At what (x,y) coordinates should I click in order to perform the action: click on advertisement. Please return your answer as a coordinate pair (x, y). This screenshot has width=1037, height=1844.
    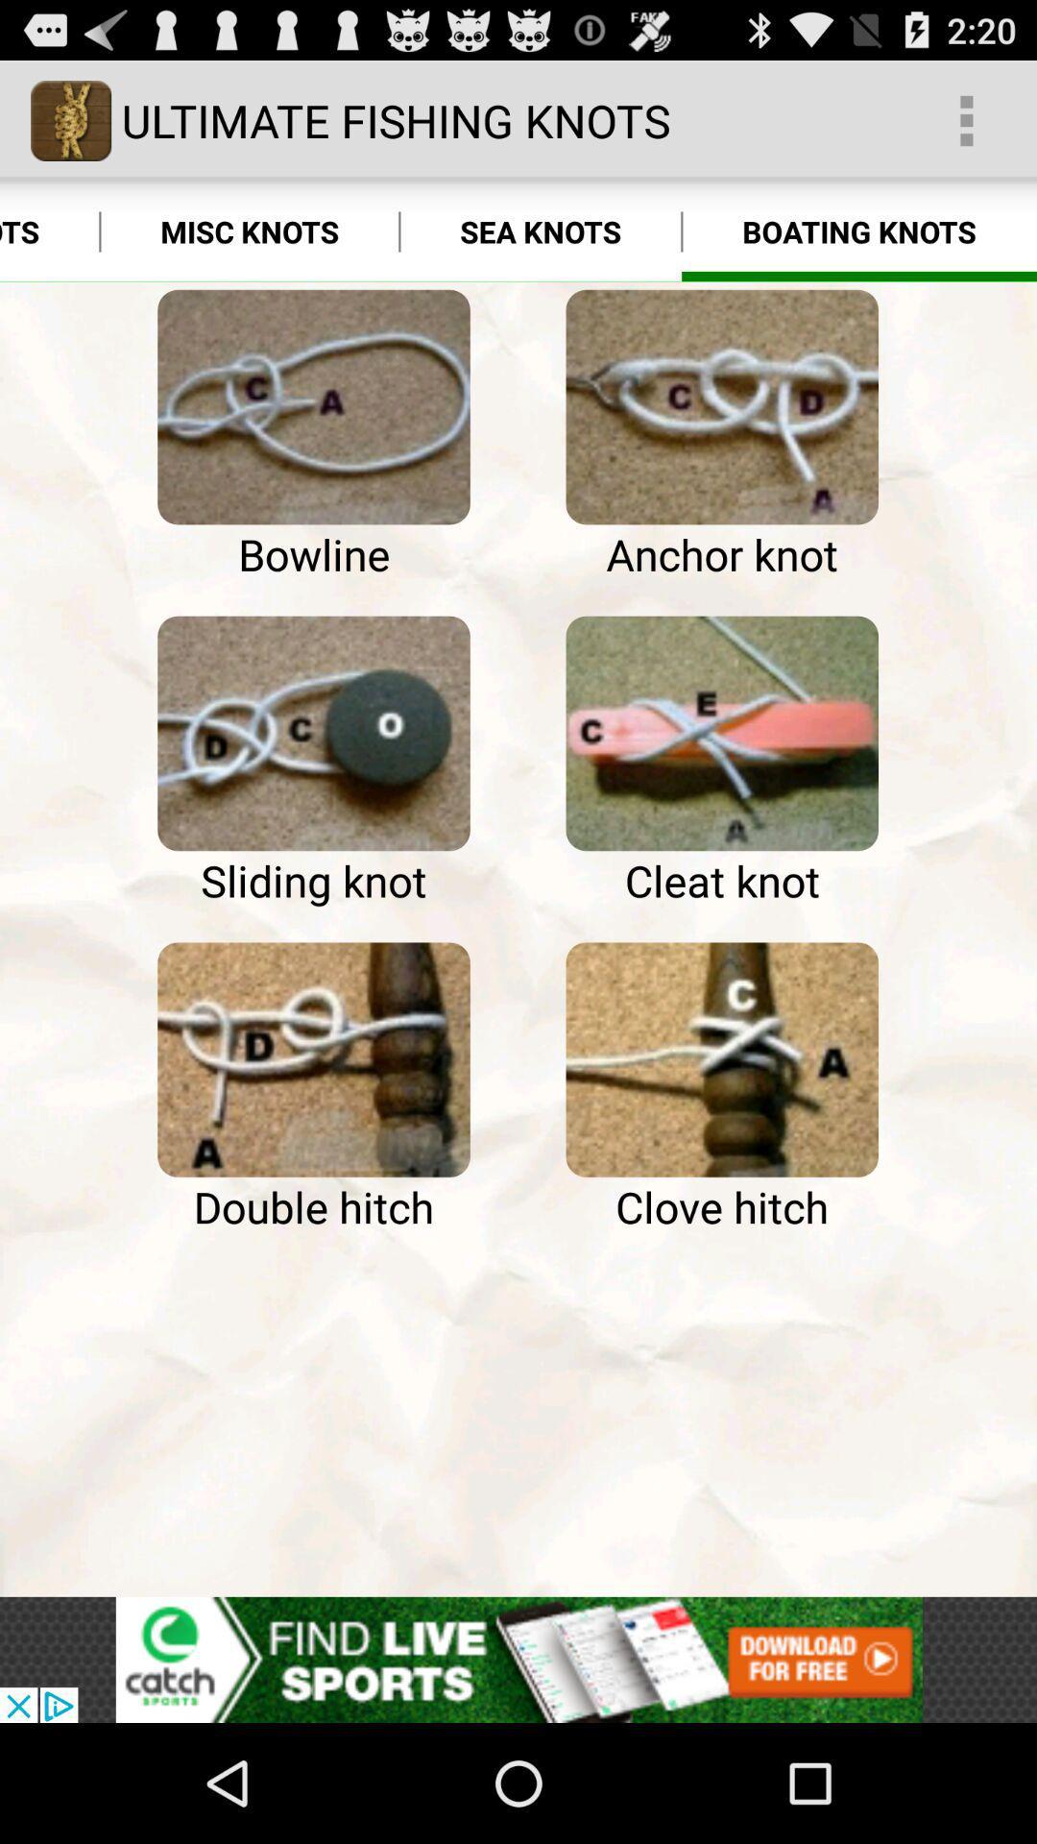
    Looking at the image, I should click on (518, 1659).